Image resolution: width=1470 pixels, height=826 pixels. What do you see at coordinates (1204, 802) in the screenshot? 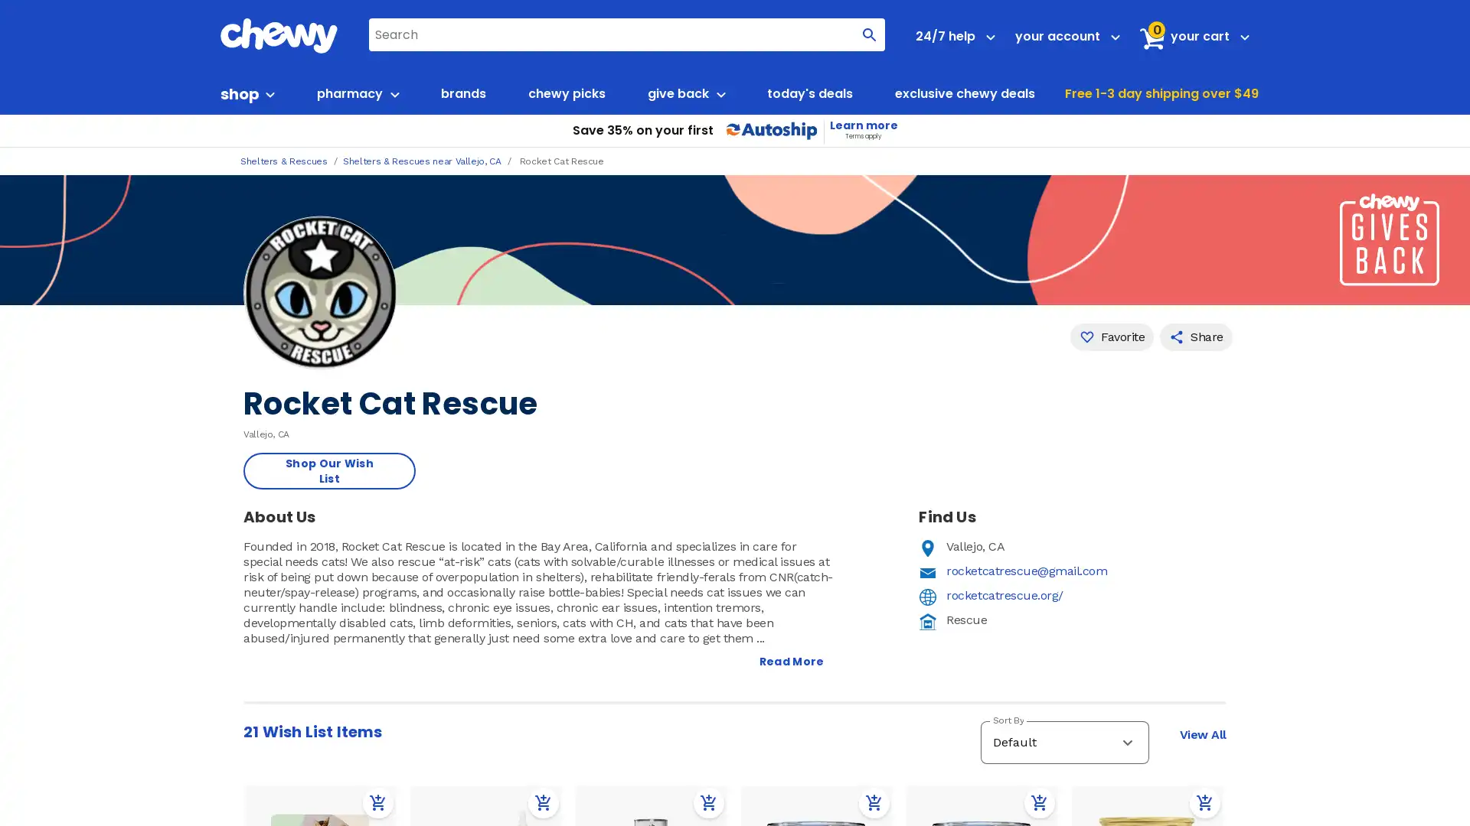
I see `Add 1 item to cart. Fancy Feast Kitten Tender Chicken Feast Canned Cat Food, 3-oz, case of 24` at bounding box center [1204, 802].